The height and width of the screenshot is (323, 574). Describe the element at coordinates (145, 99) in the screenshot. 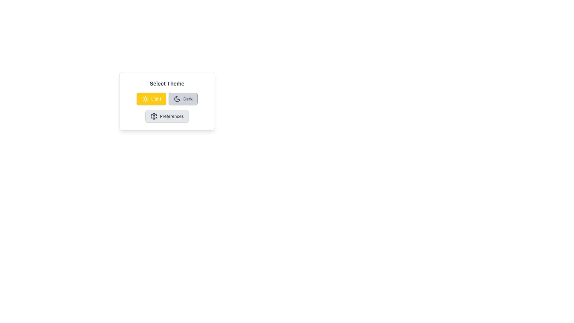

I see `the sun icon within the 'Light' button` at that location.